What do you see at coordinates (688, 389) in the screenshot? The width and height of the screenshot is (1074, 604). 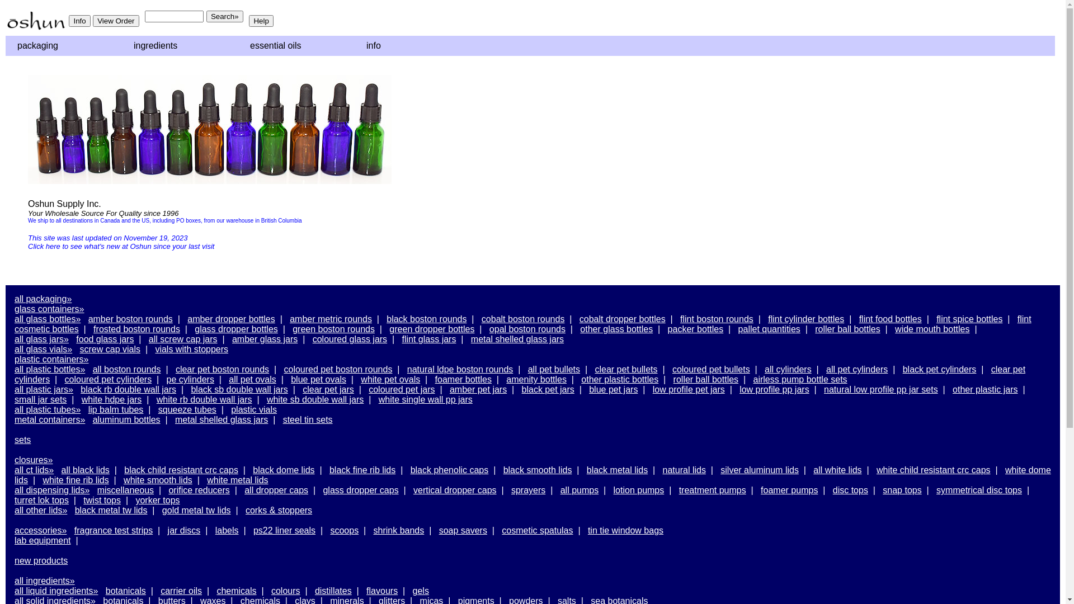 I see `'low profile pet jars'` at bounding box center [688, 389].